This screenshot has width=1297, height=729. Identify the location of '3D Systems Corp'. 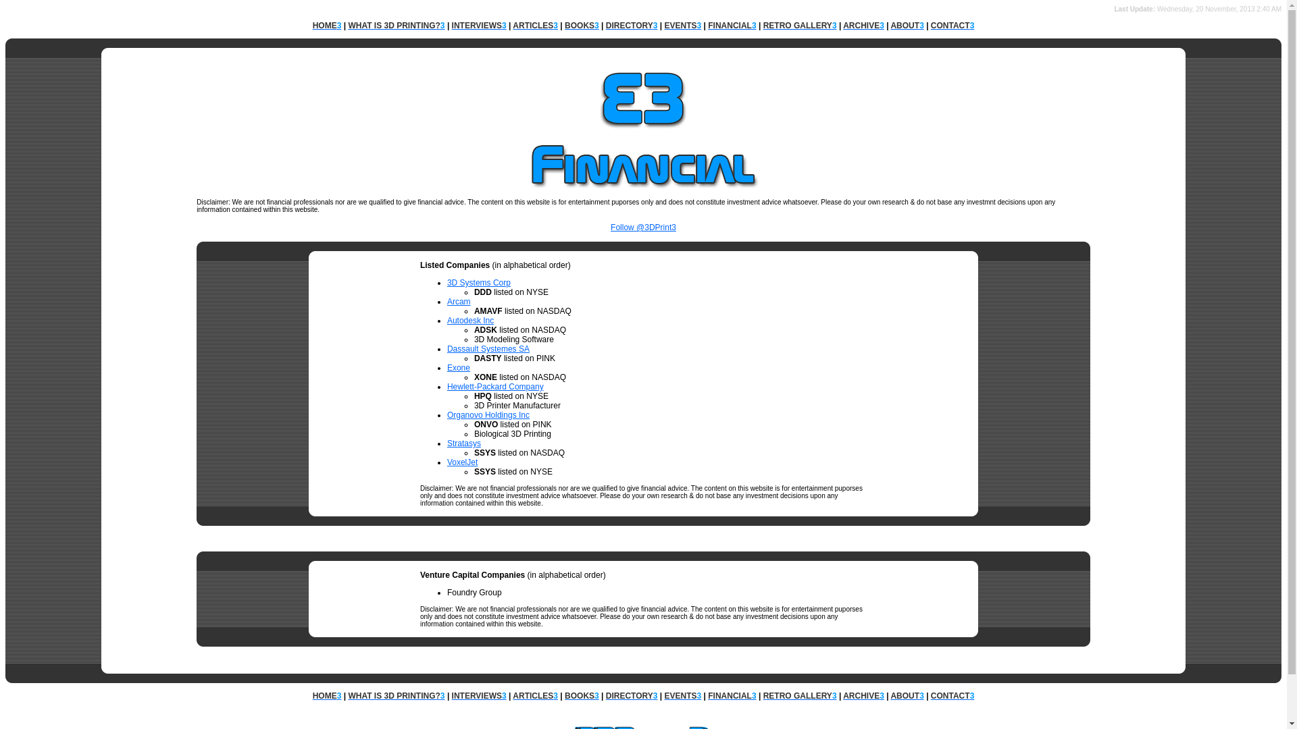
(479, 282).